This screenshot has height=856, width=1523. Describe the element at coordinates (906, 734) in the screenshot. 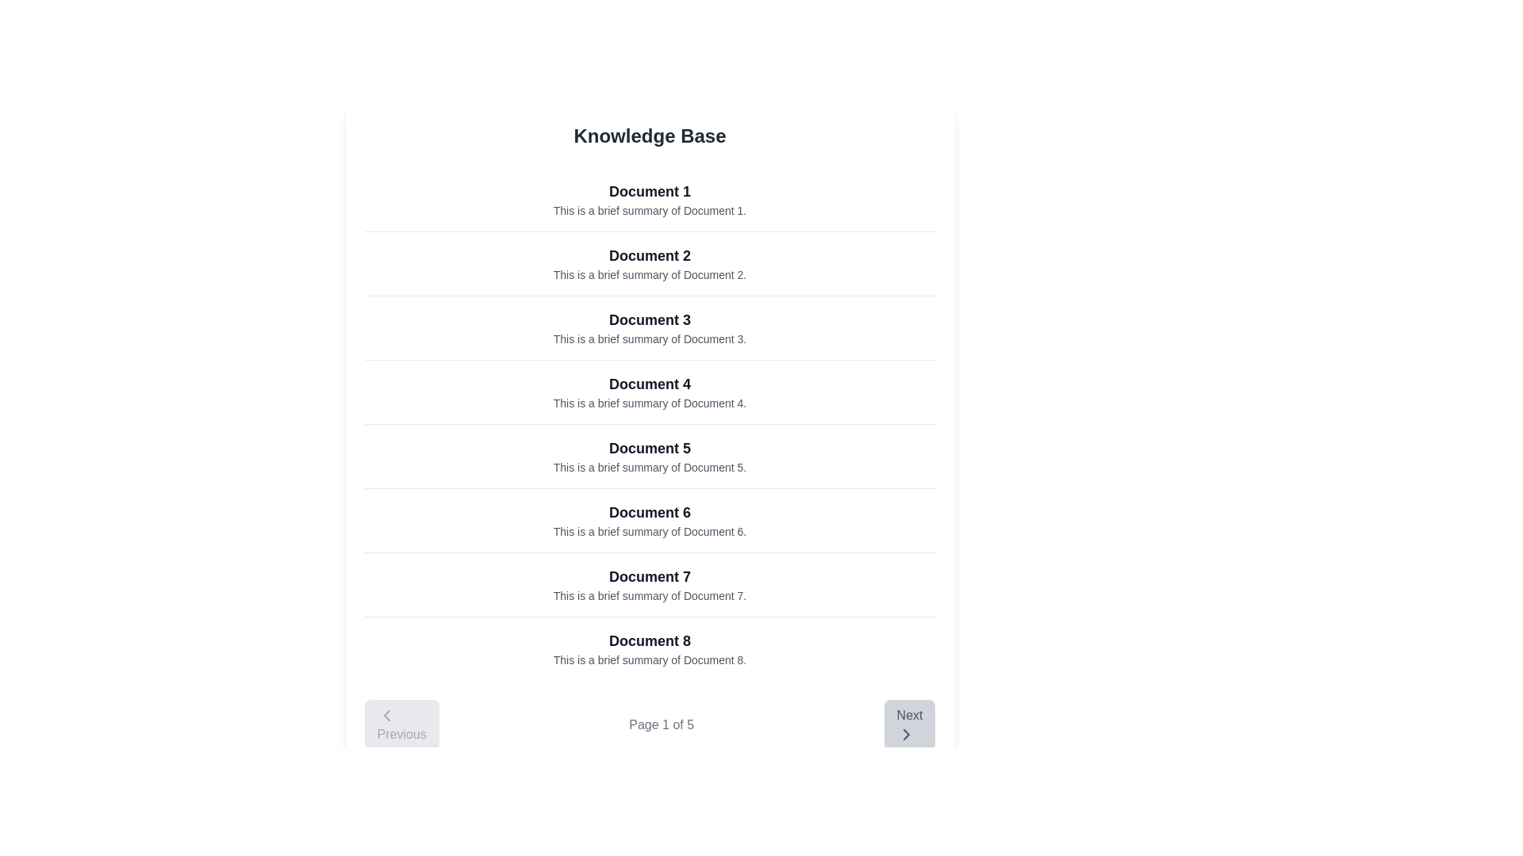

I see `the arrow icon for the 'Next' pagination button located at the bottom-right corner of the interface` at that location.